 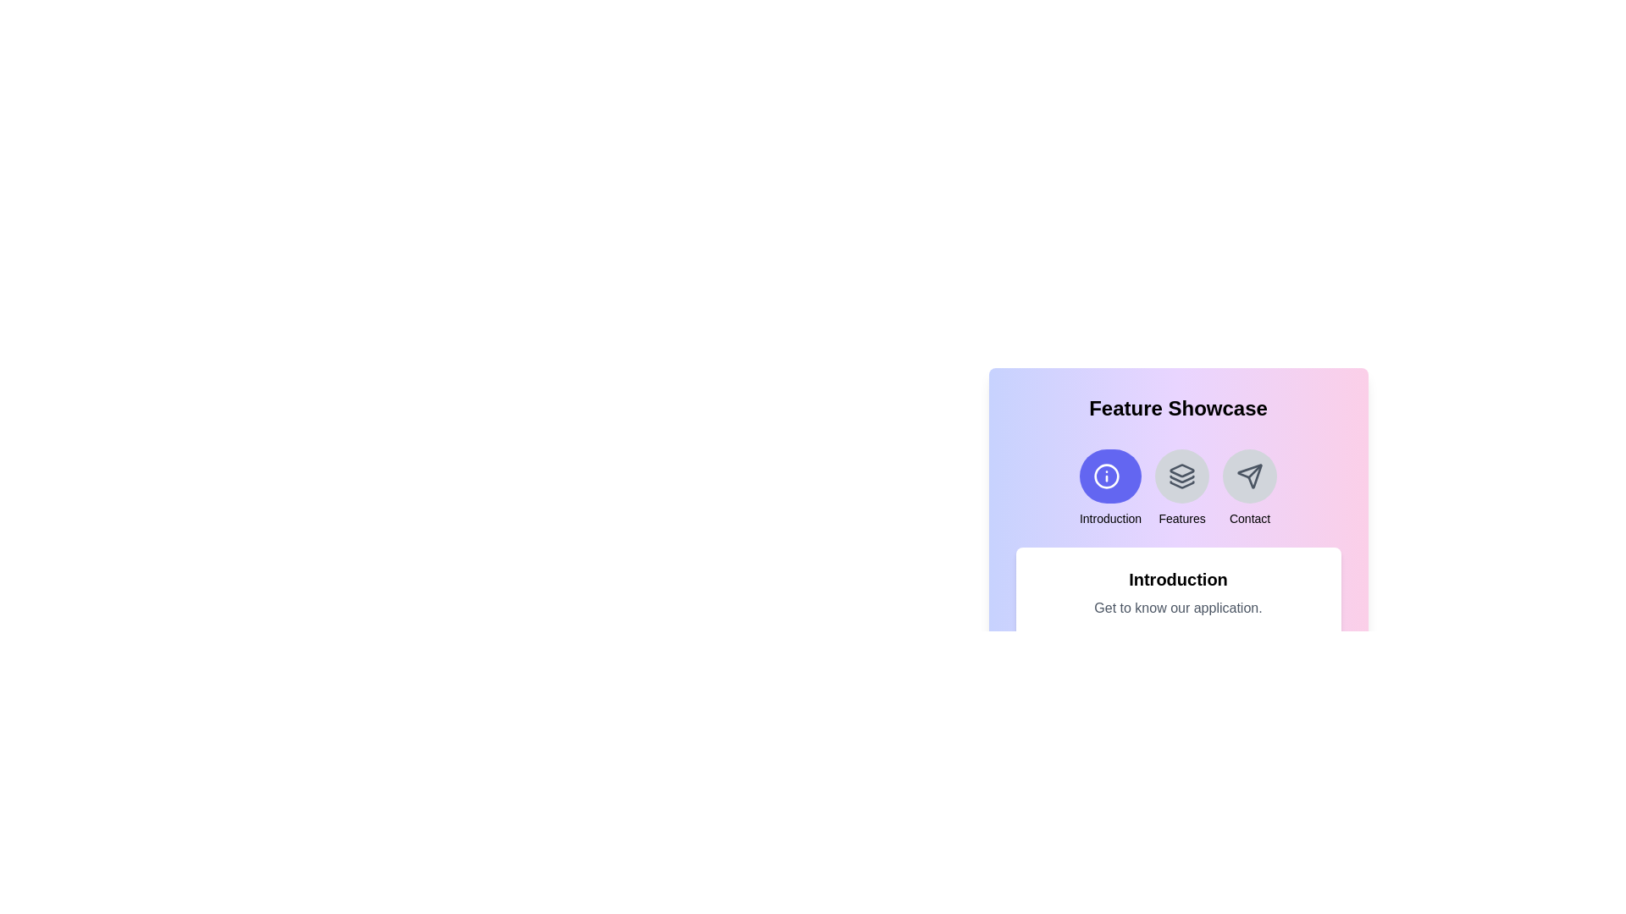 I want to click on the icon representing the feature Features to select it, so click(x=1181, y=476).